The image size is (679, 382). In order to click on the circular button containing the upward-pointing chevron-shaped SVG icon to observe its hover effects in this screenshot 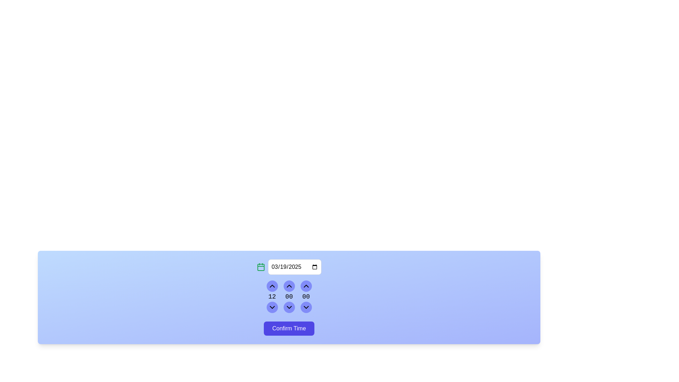, I will do `click(306, 286)`.